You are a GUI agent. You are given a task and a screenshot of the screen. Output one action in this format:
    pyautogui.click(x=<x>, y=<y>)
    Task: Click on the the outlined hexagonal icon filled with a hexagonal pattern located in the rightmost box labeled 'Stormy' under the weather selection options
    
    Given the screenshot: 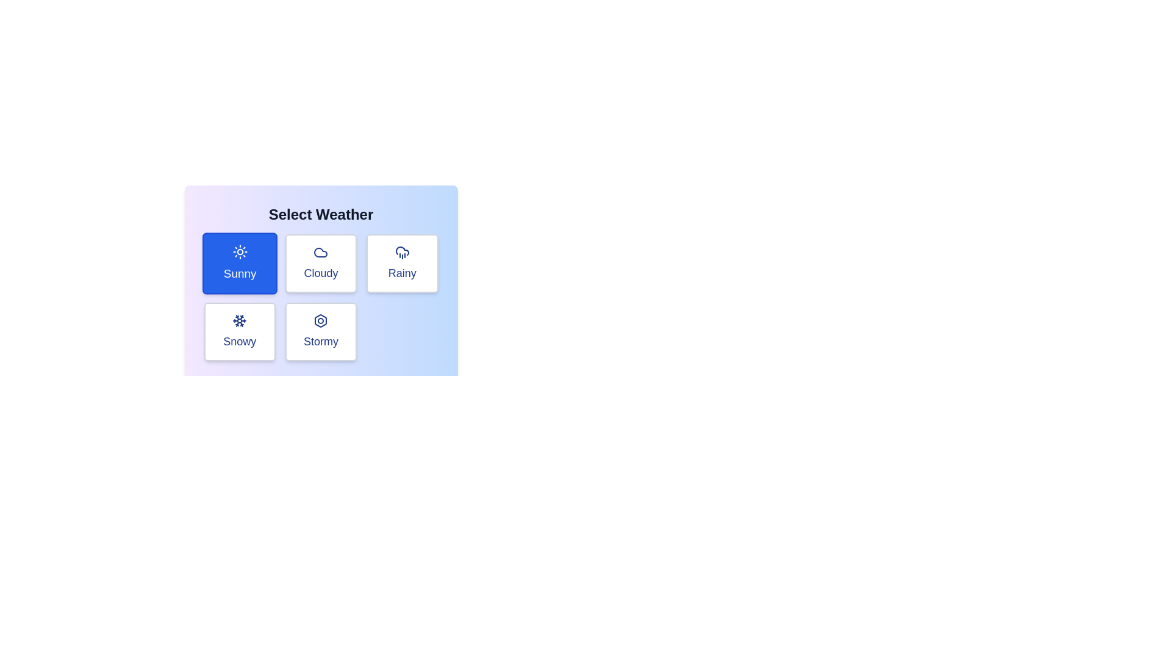 What is the action you would take?
    pyautogui.click(x=321, y=320)
    